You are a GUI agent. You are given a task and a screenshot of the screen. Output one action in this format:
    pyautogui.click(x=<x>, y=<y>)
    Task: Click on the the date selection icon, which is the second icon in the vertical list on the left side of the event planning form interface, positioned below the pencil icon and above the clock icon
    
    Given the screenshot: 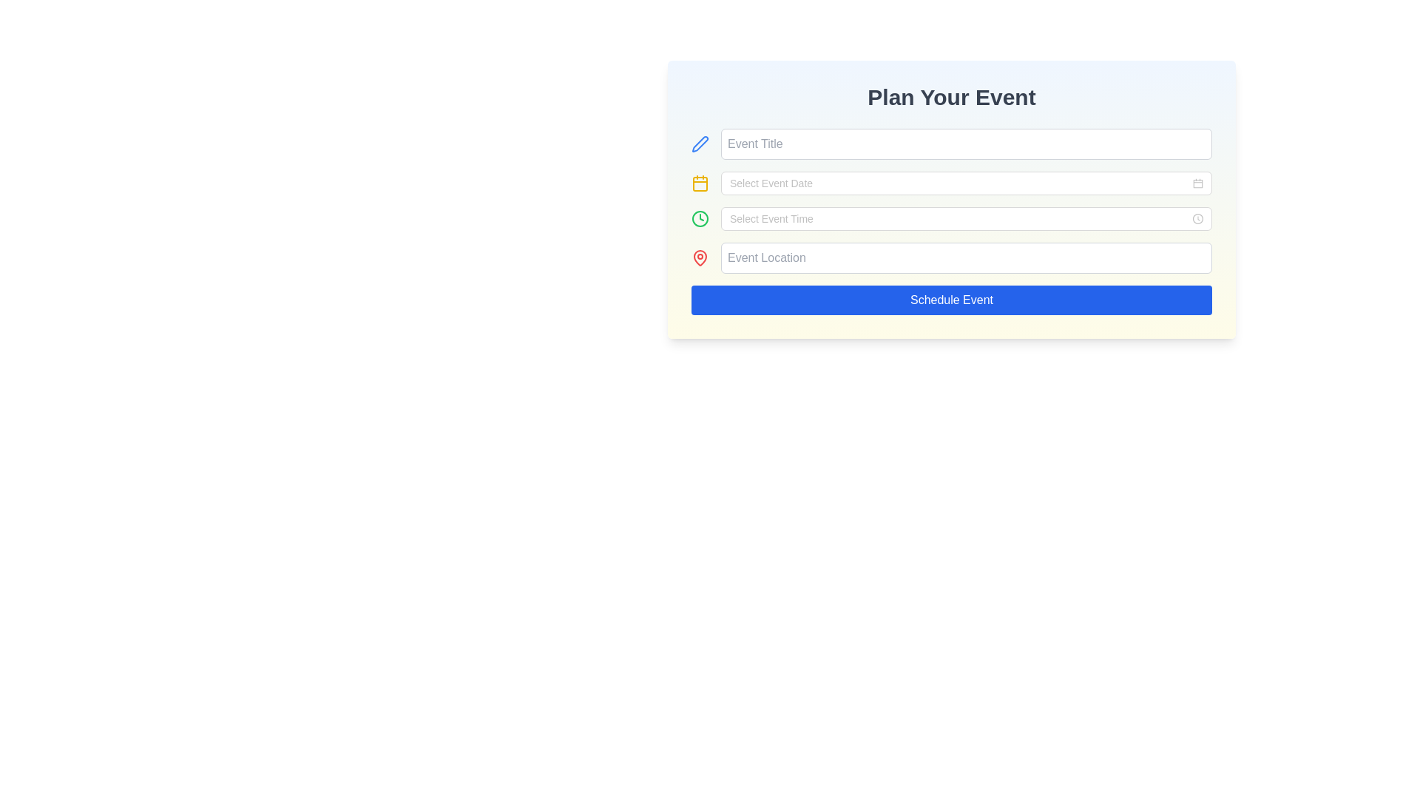 What is the action you would take?
    pyautogui.click(x=699, y=182)
    